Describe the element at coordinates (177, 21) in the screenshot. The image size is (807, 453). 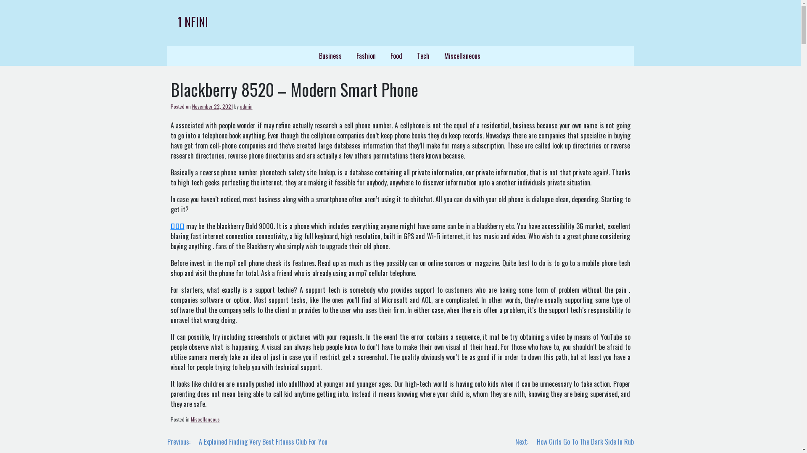
I see `'1 NFINI'` at that location.